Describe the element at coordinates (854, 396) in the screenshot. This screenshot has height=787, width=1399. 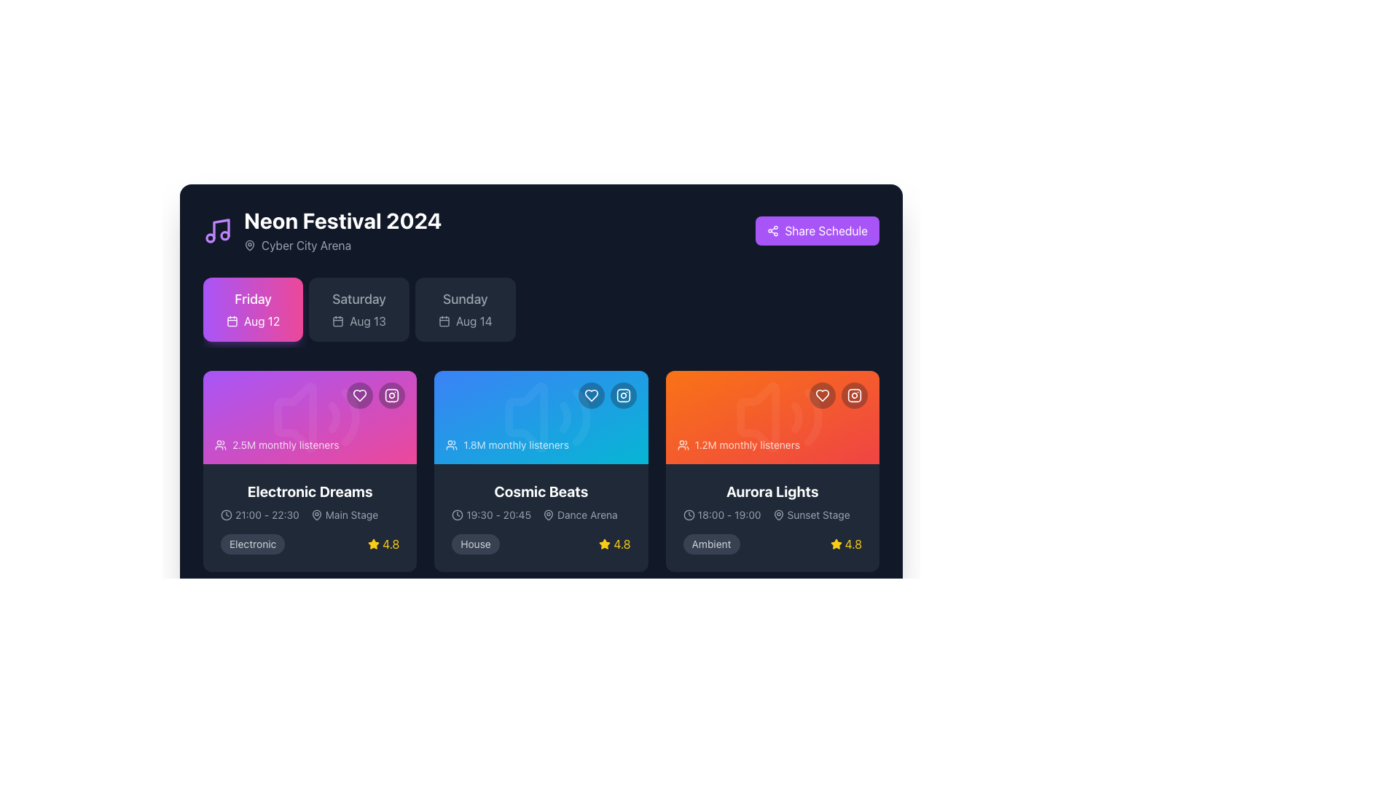
I see `the circular Instagram button with a semi-transparent dark gray background located at the top-right corner of the 'Aurora Lights' card to observe the hover effect` at that location.